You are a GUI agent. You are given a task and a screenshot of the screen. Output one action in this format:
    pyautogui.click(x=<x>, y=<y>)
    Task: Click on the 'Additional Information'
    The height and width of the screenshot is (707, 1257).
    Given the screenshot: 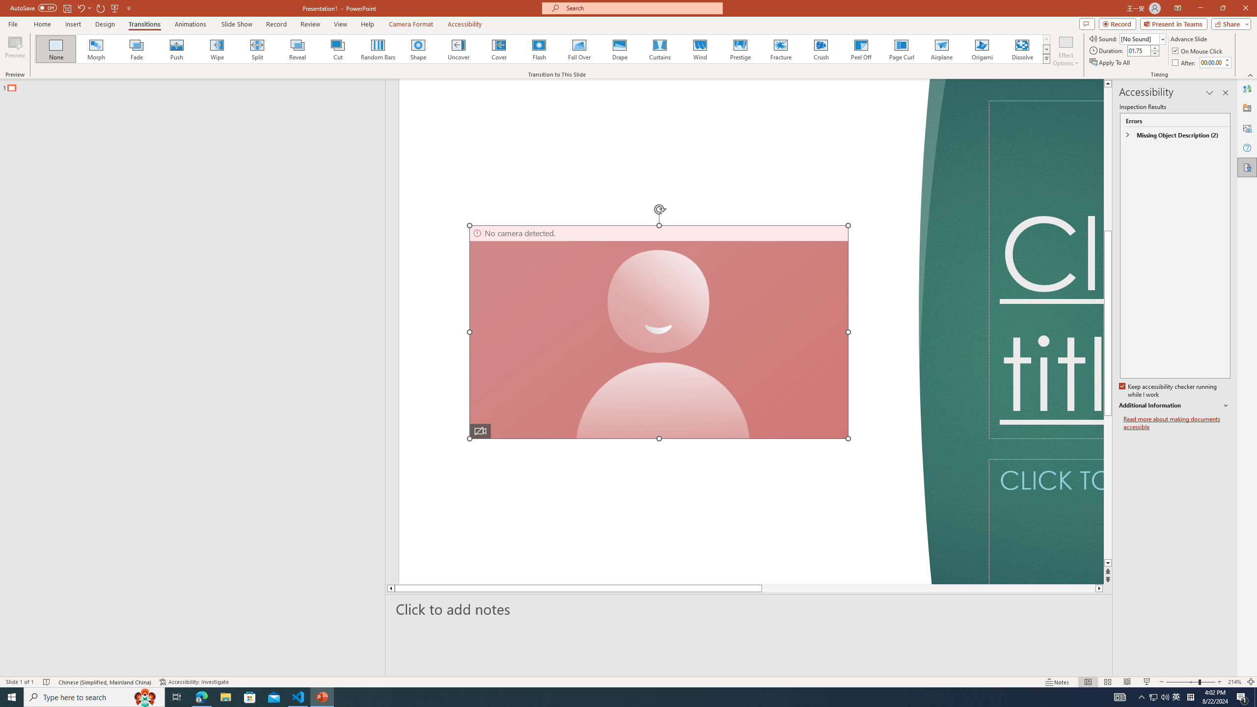 What is the action you would take?
    pyautogui.click(x=1175, y=406)
    